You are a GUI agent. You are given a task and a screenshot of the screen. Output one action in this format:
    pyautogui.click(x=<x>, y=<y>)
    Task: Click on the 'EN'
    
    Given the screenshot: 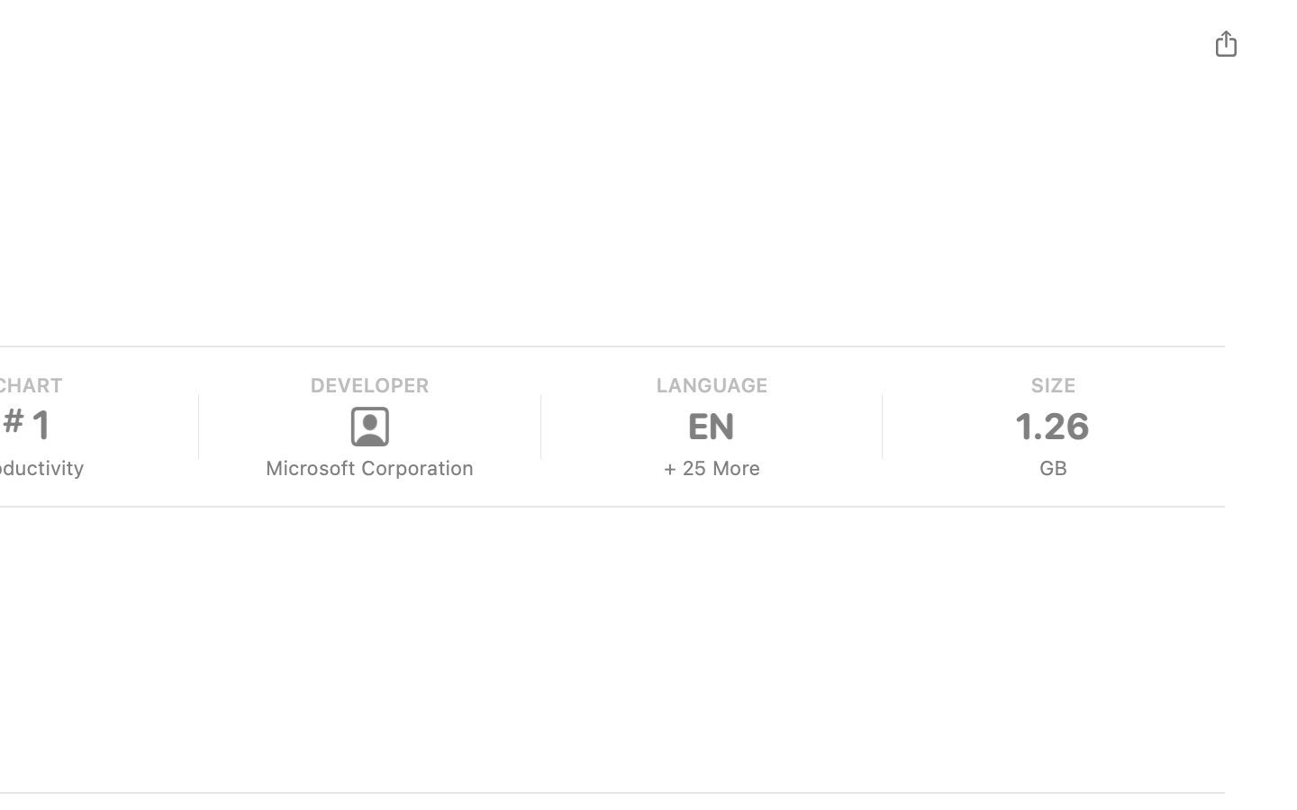 What is the action you would take?
    pyautogui.click(x=710, y=426)
    